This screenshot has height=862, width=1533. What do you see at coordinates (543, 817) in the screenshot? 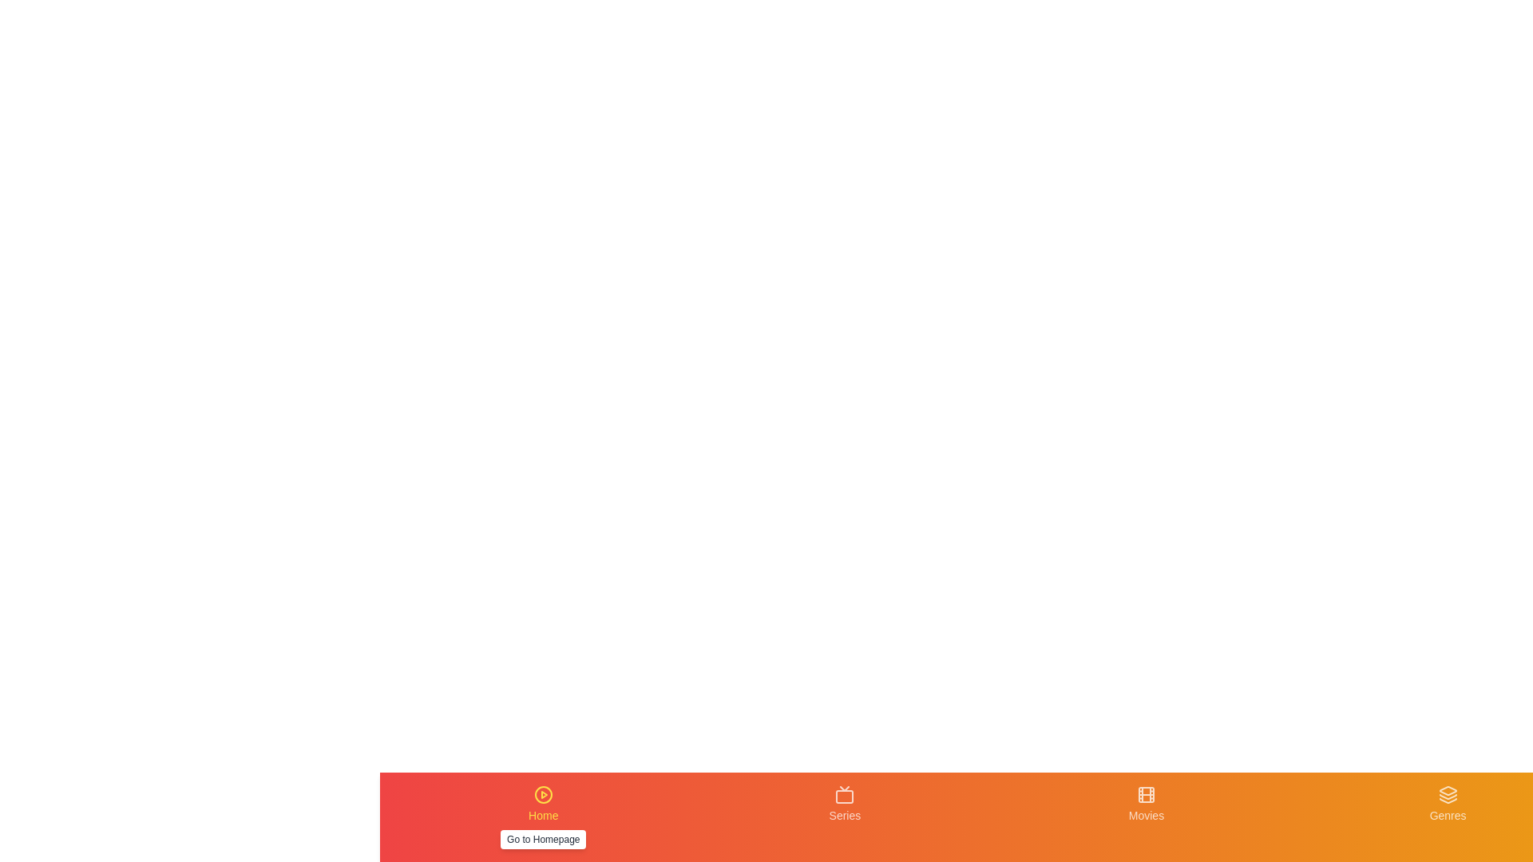
I see `the tab labeled Home to preview its details` at bounding box center [543, 817].